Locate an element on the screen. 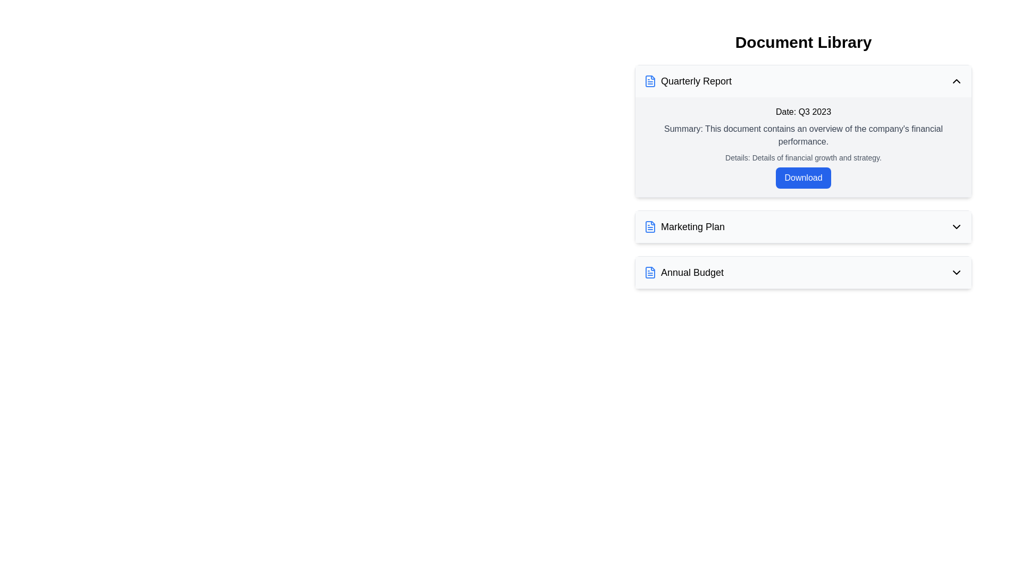 The image size is (1021, 574). the blue rounded button labeled 'Download' located at the bottom-right corner of the 'Quarterly Report' section to initiate the download is located at coordinates (804, 178).